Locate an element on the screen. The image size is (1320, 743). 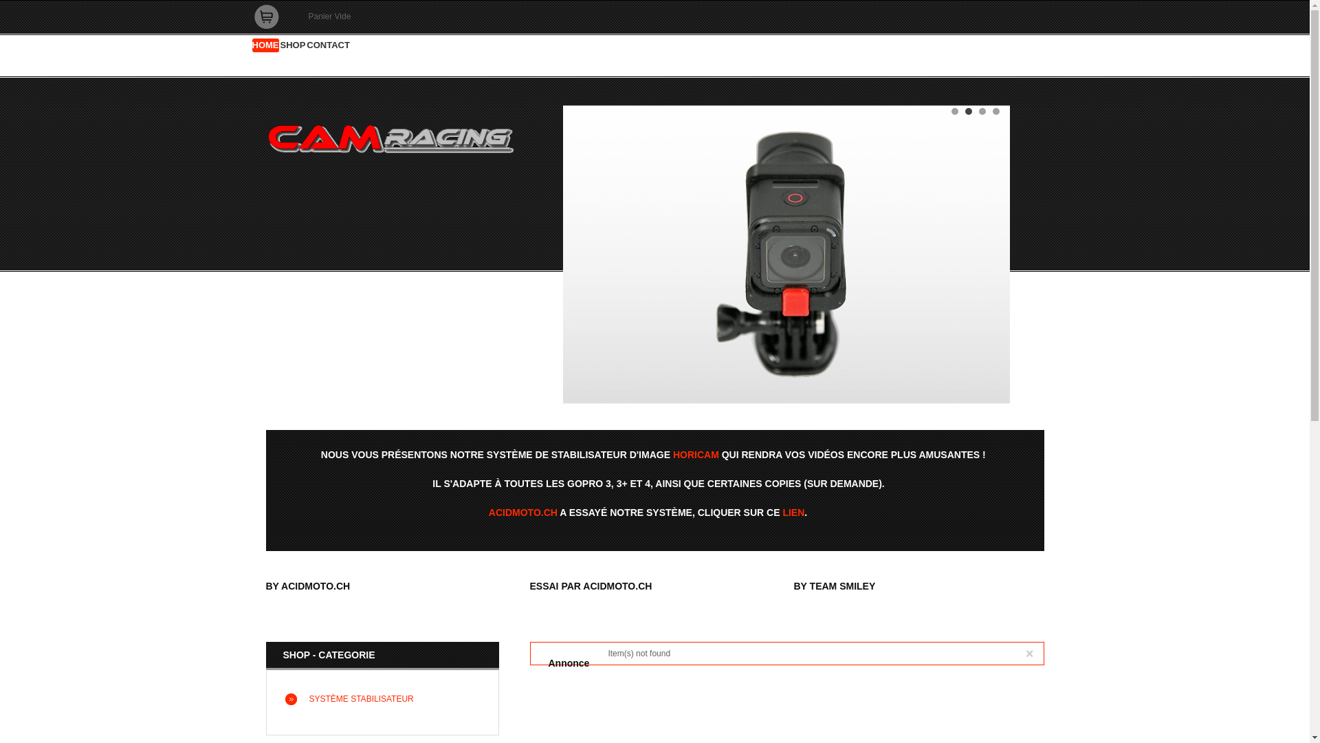
'CONTACT' is located at coordinates (327, 44).